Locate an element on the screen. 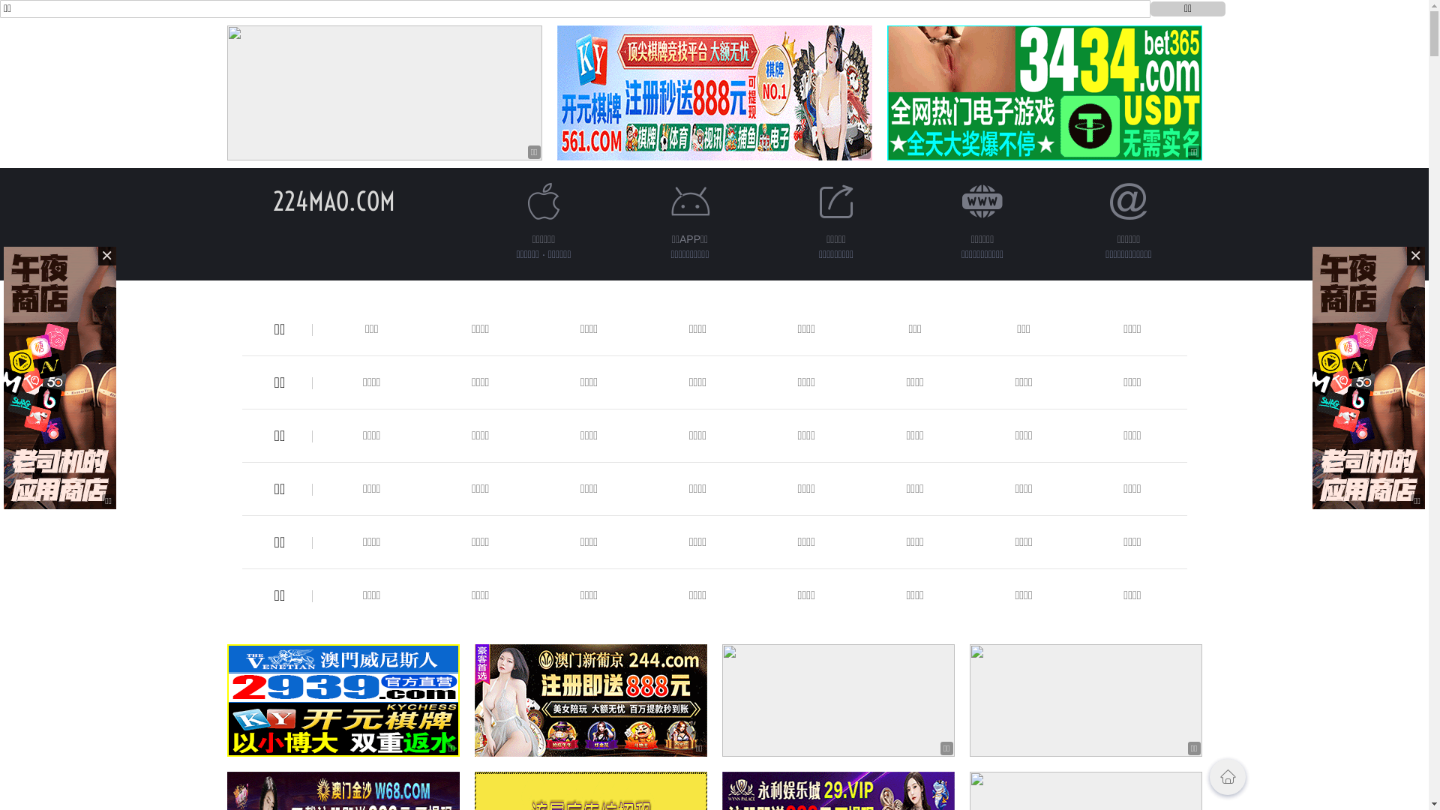 This screenshot has height=810, width=1440. '224MAO.COM' is located at coordinates (333, 200).